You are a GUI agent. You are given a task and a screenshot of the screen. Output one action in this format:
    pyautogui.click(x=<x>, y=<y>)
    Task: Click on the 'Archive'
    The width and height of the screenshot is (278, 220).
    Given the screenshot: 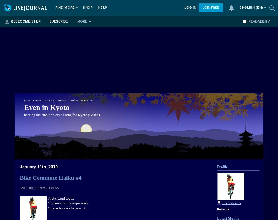 What is the action you would take?
    pyautogui.click(x=49, y=100)
    